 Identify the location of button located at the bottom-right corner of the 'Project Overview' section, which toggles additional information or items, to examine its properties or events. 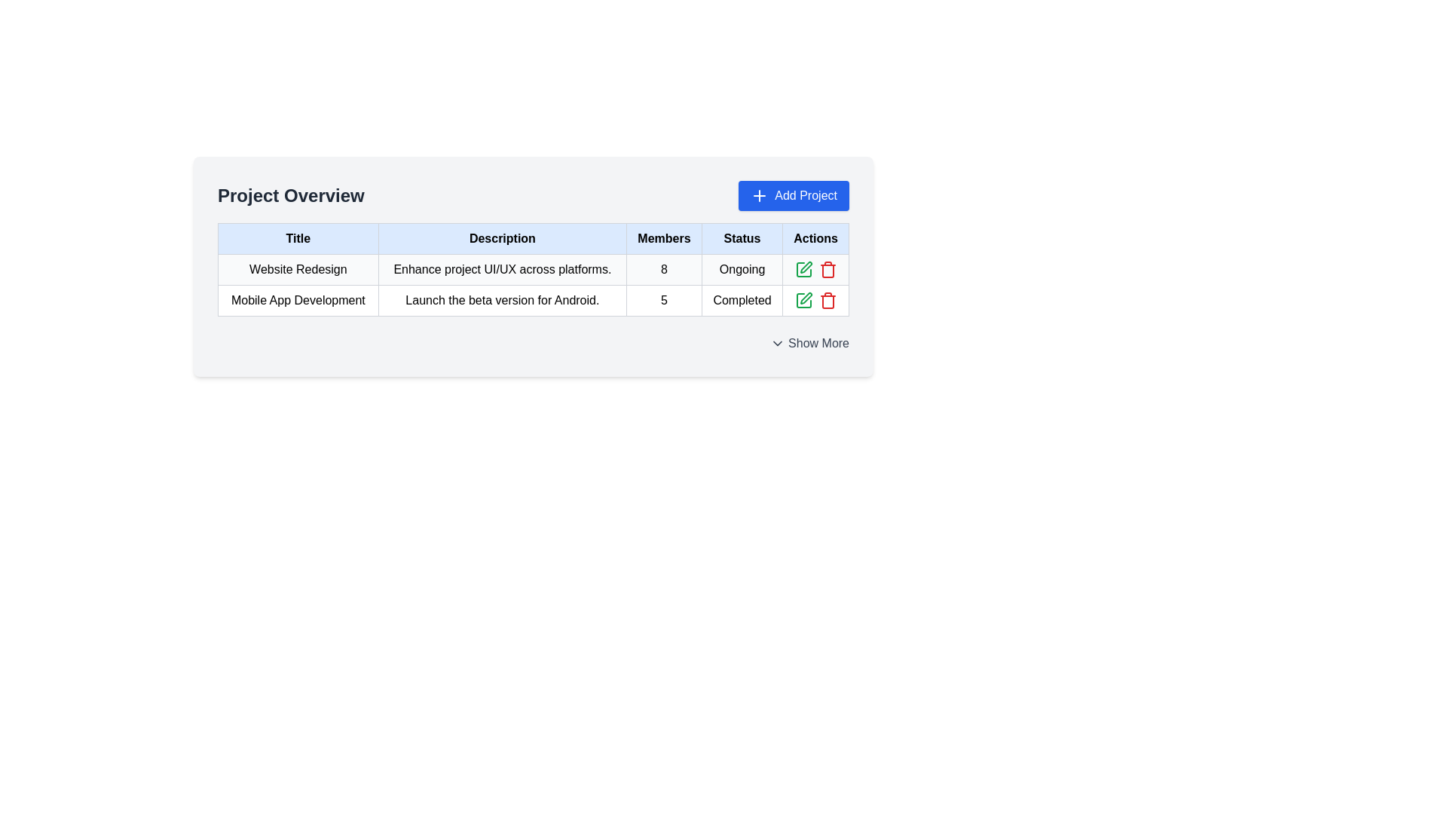
(809, 343).